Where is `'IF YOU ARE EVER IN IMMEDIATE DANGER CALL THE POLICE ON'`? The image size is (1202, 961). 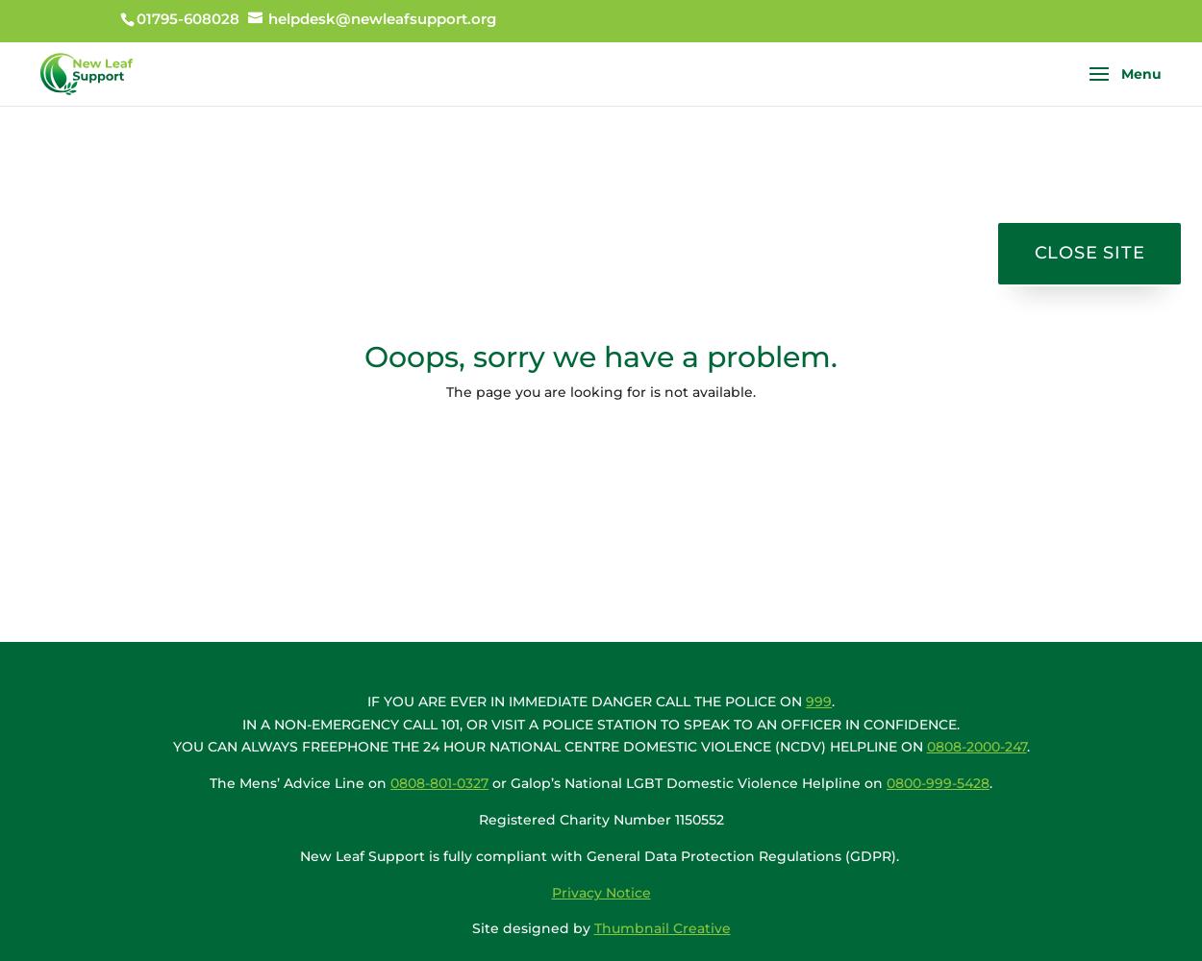
'IF YOU ARE EVER IN IMMEDIATE DANGER CALL THE POLICE ON' is located at coordinates (586, 700).